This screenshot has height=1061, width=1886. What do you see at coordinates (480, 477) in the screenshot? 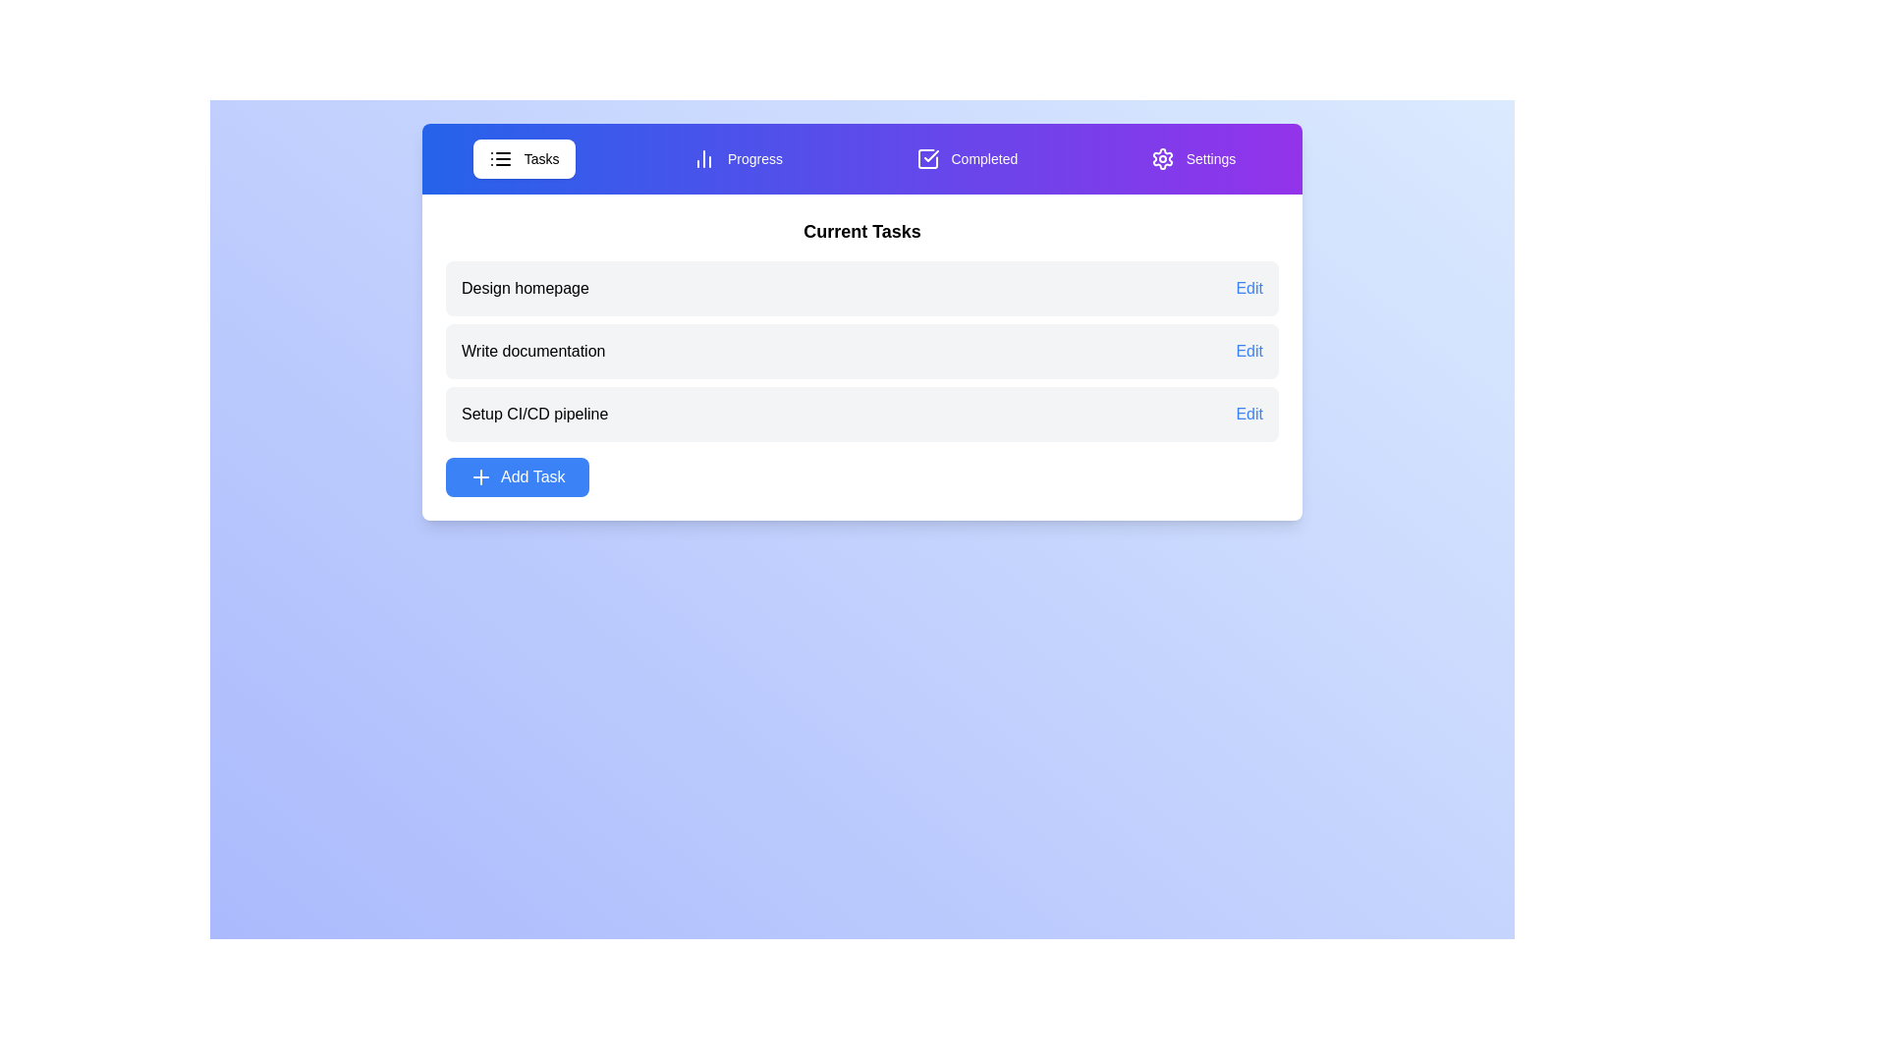
I see `the '+' icon with a blue background, which is located to the left of the 'Add Task' button at the bottom of the task panel` at bounding box center [480, 477].